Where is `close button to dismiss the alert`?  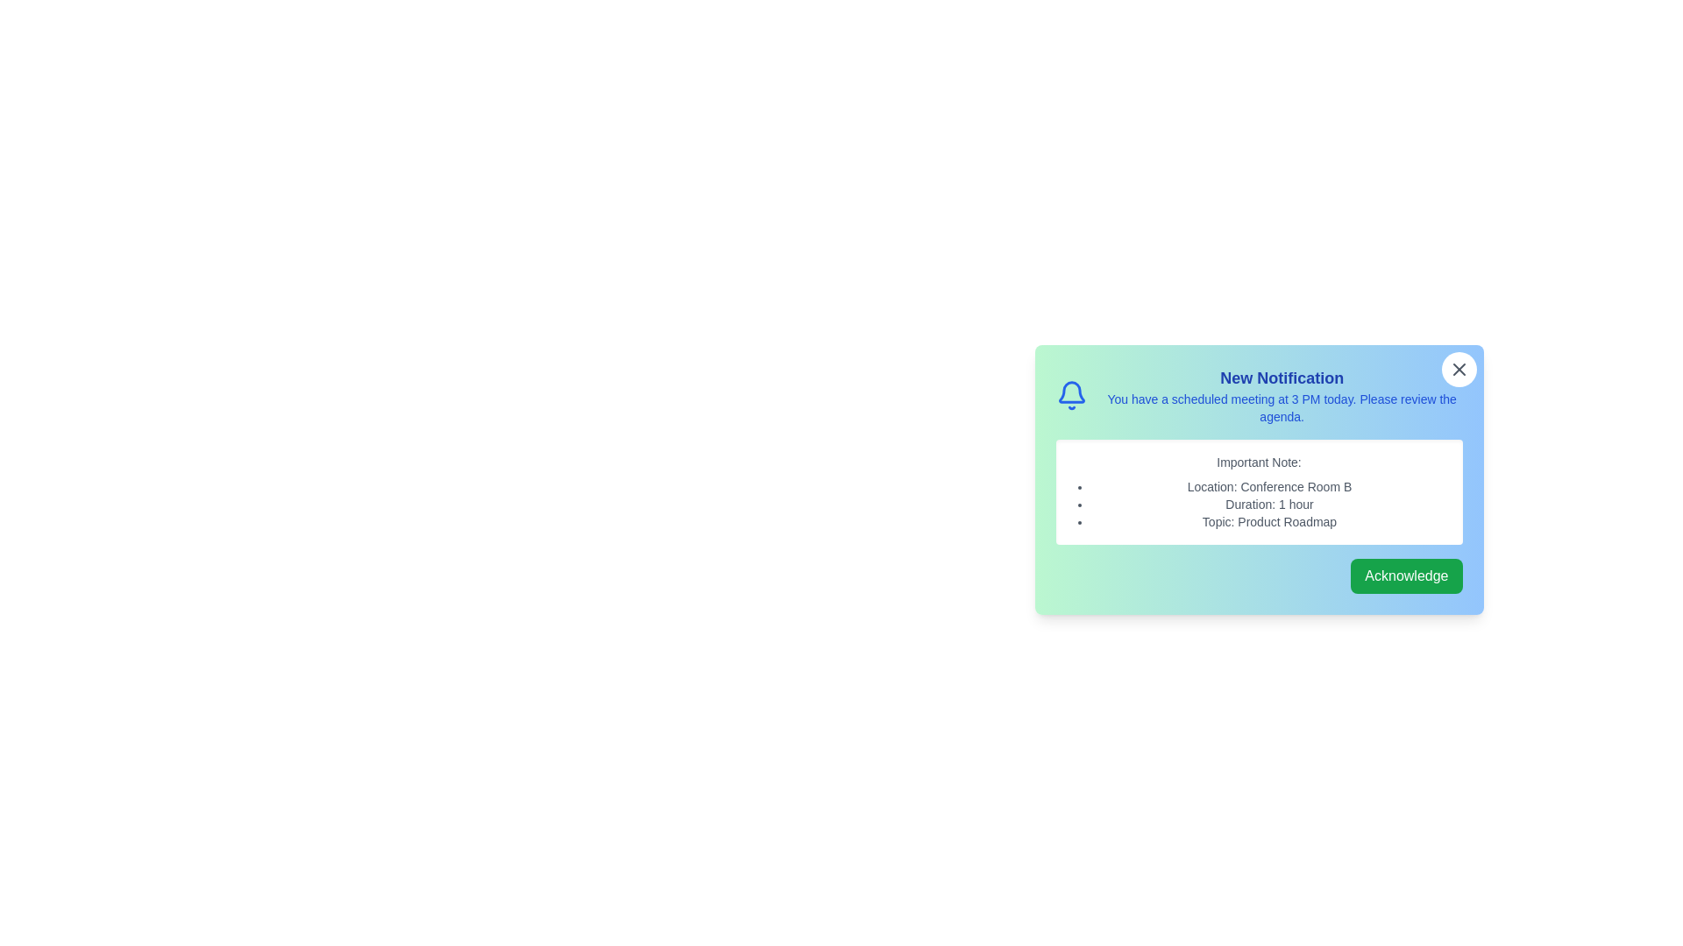
close button to dismiss the alert is located at coordinates (1459, 368).